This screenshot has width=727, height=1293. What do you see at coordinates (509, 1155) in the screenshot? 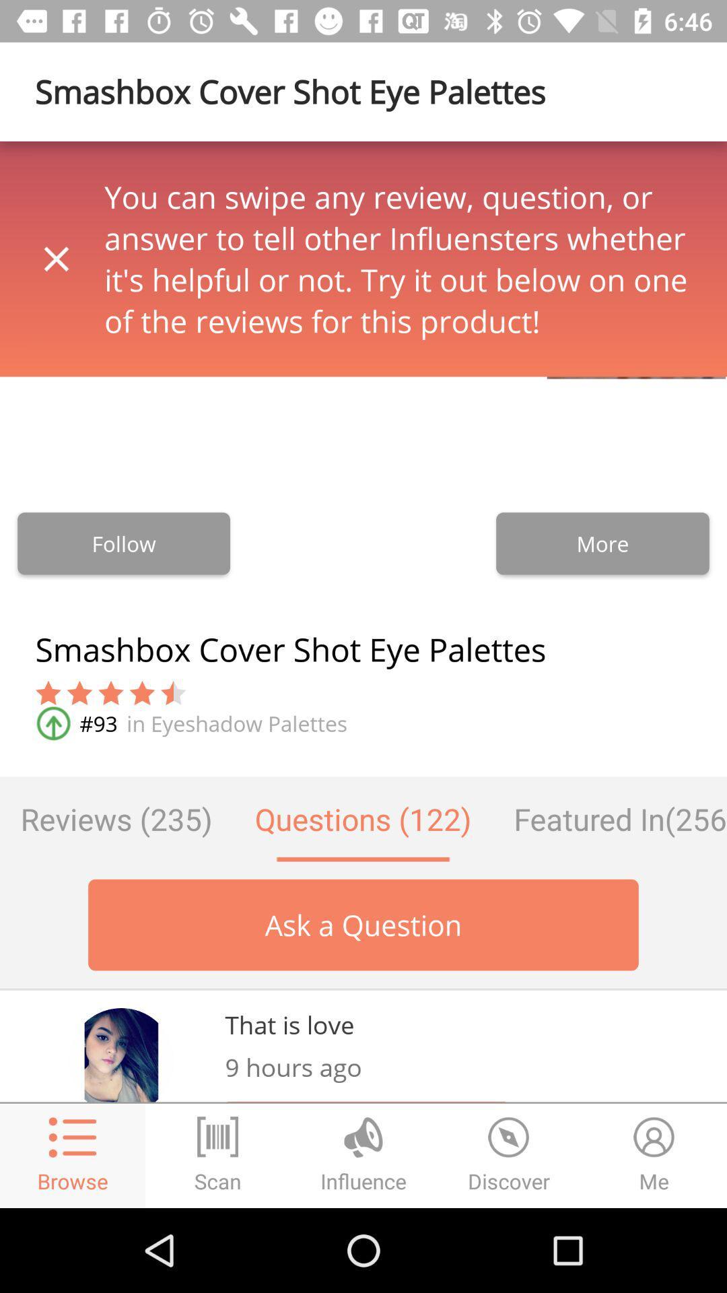
I see `the time icon` at bounding box center [509, 1155].